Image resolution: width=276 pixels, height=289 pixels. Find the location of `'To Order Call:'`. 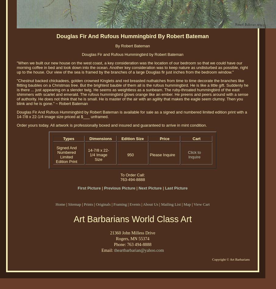

'To Order Call:' is located at coordinates (132, 175).